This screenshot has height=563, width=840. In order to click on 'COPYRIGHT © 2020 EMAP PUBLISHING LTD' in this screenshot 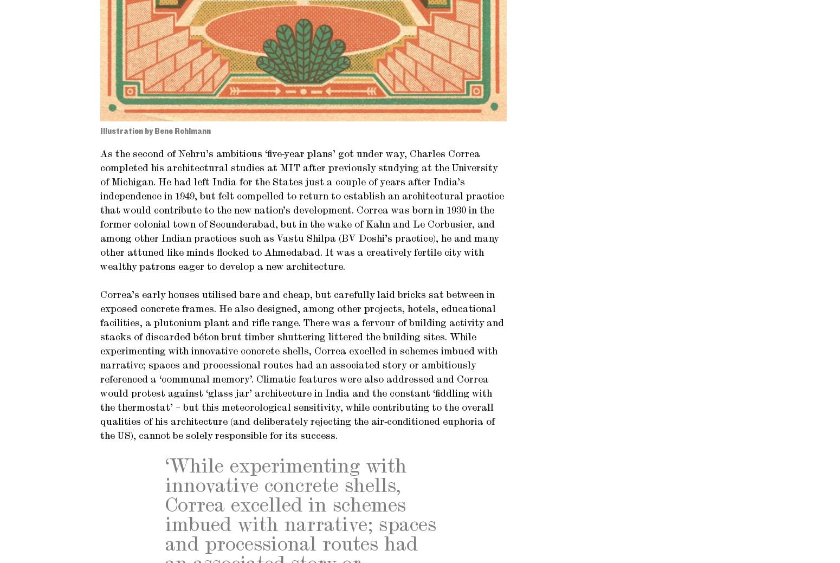, I will do `click(189, 99)`.